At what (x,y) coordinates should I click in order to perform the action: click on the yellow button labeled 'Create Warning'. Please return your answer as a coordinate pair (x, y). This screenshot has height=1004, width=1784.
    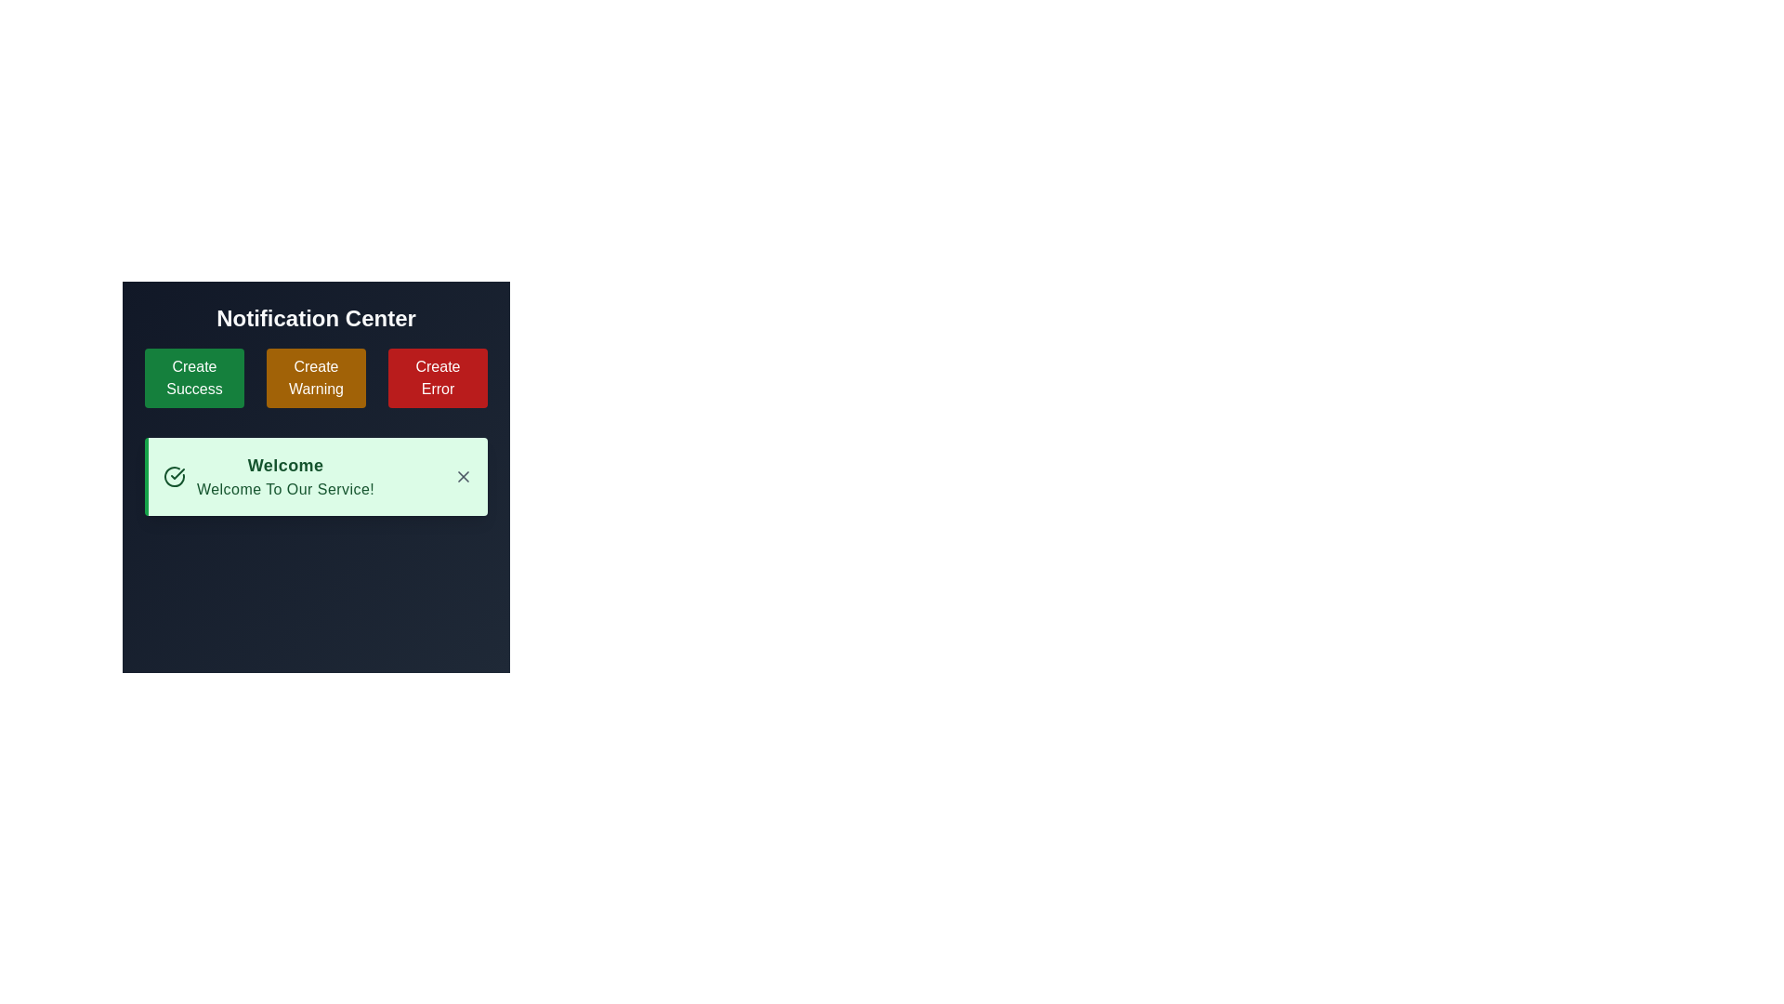
    Looking at the image, I should click on (316, 377).